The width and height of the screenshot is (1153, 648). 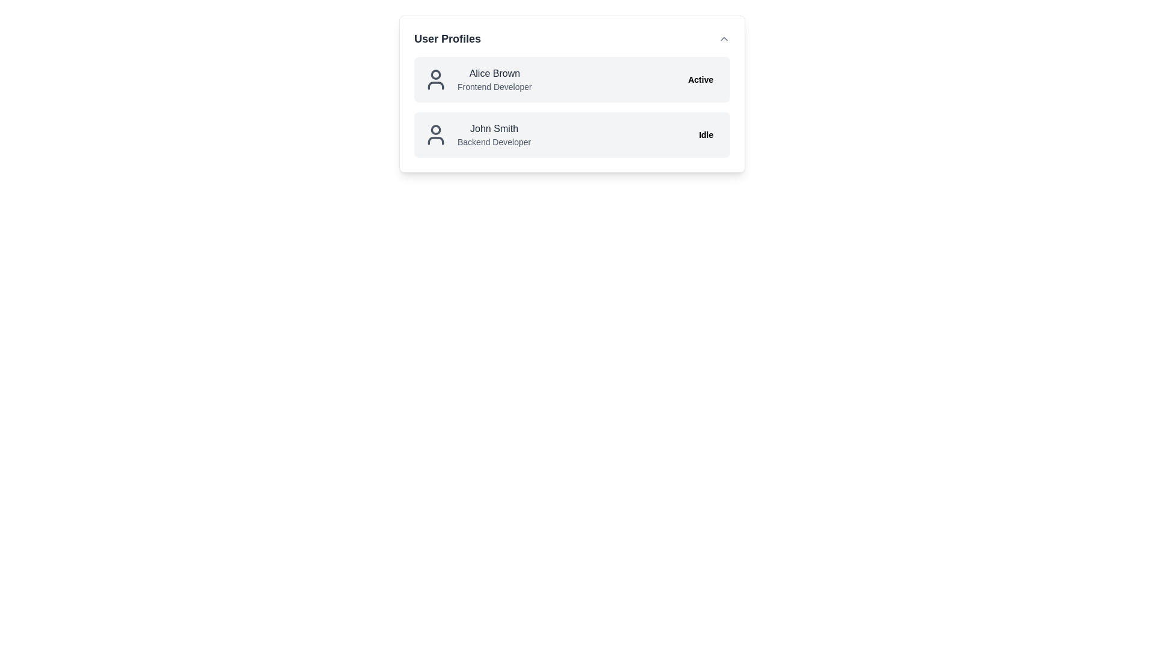 I want to click on the user profile entry displaying the name 'John Smith', which is in a medium-weight, dark gray font, and is located on the second row of the user profiles section, so click(x=494, y=129).